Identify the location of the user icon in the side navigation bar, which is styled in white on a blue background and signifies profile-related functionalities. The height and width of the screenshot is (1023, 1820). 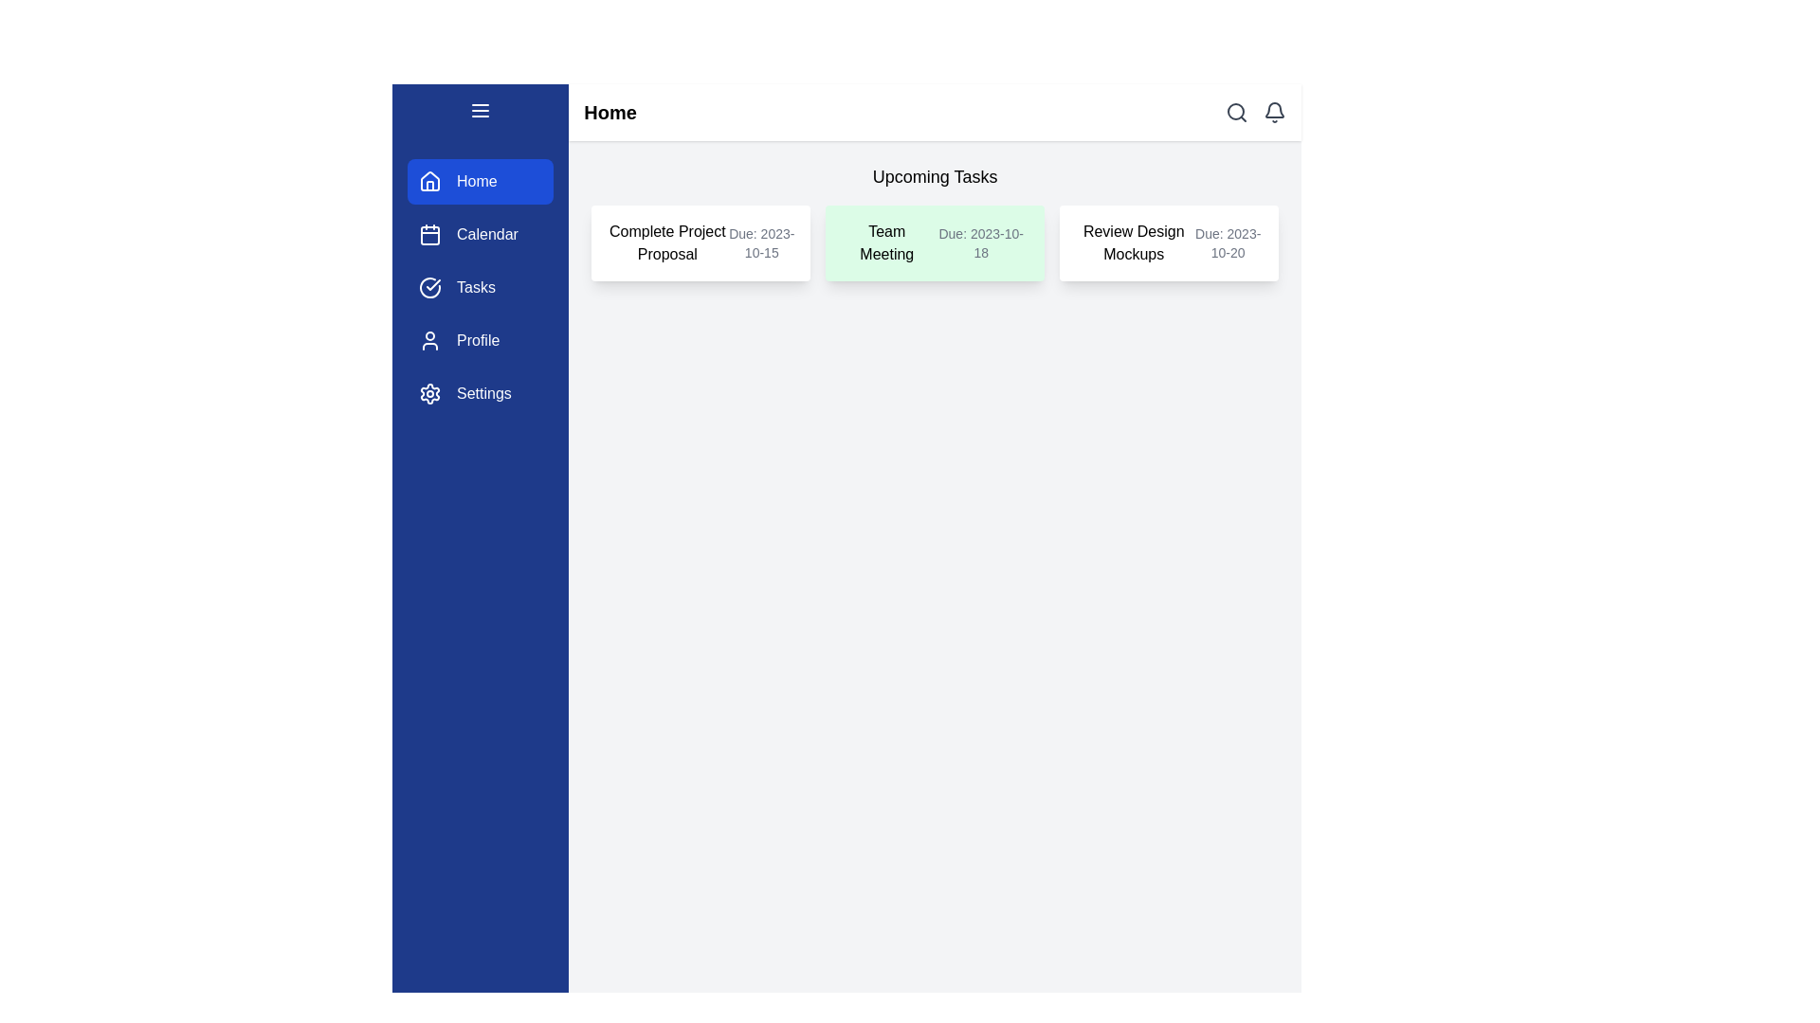
(429, 339).